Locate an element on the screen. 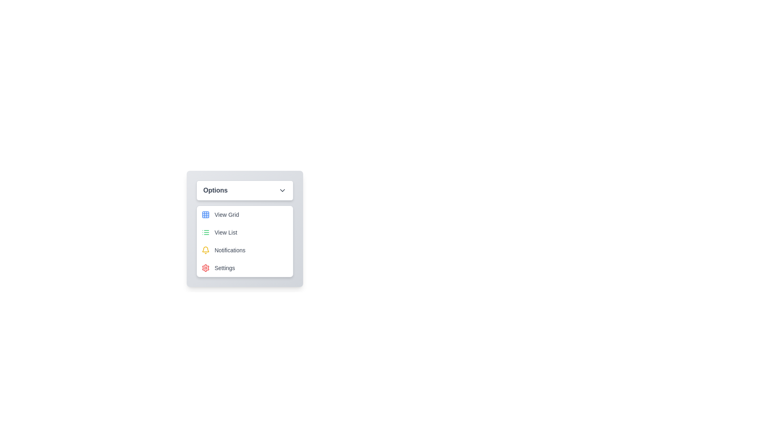 This screenshot has height=436, width=776. the 'View List' button-like list item element using keyboard navigation is located at coordinates (244, 232).